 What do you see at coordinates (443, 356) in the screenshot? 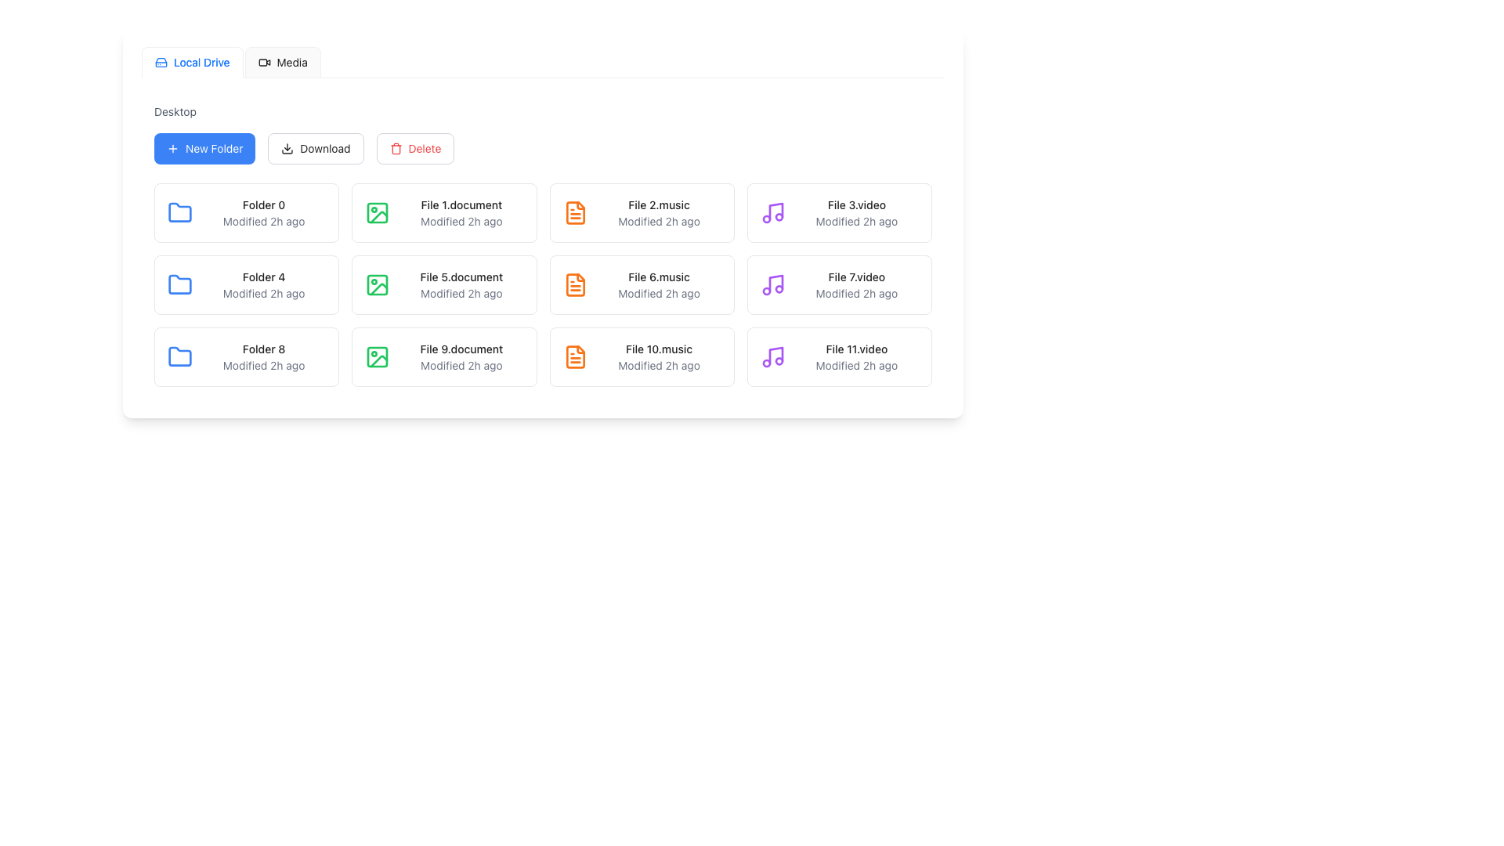
I see `the File entry item representing 'File 9.document'` at bounding box center [443, 356].